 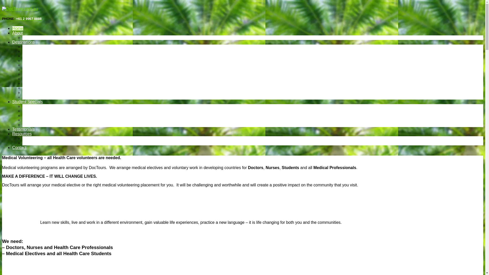 What do you see at coordinates (31, 47) in the screenshot?
I see `'Cambodia'` at bounding box center [31, 47].